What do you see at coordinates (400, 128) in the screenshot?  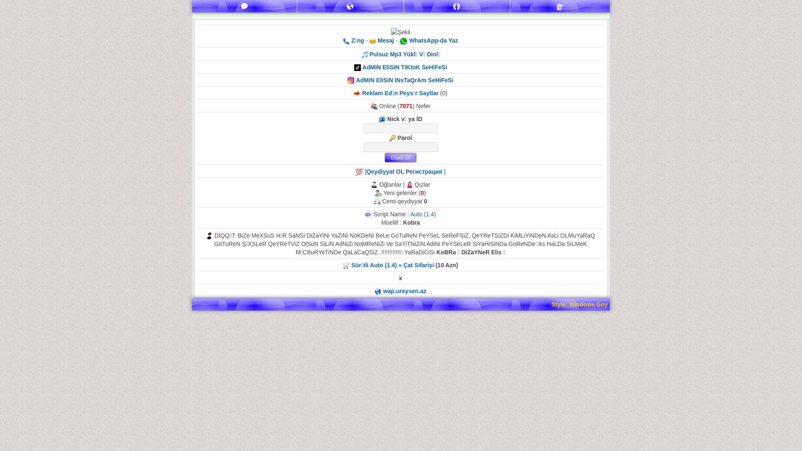 I see `'nick'` at bounding box center [400, 128].